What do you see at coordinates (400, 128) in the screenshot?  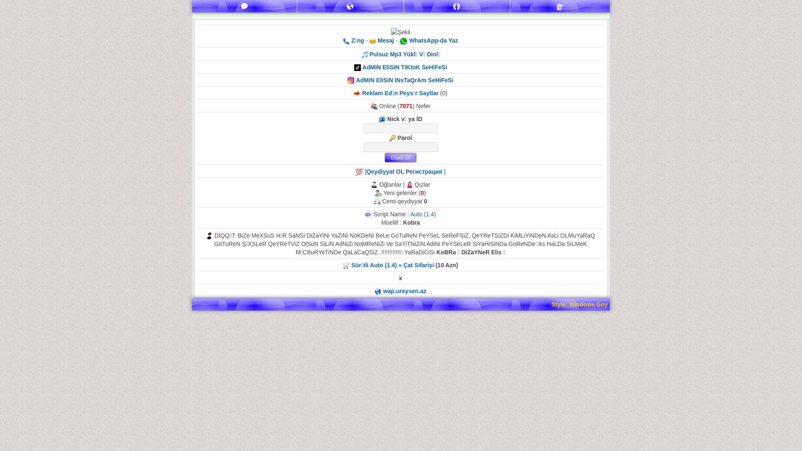 I see `'nick'` at bounding box center [400, 128].